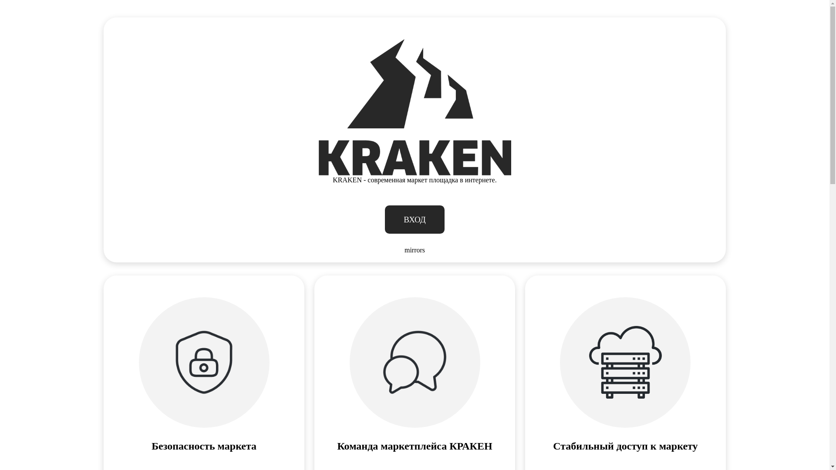  Describe the element at coordinates (414, 250) in the screenshot. I see `'mirrors'` at that location.